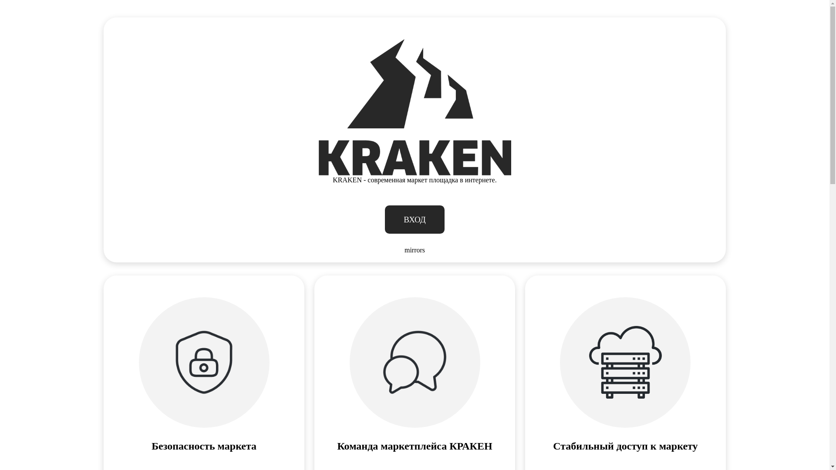  Describe the element at coordinates (414, 250) in the screenshot. I see `'mirrors'` at that location.